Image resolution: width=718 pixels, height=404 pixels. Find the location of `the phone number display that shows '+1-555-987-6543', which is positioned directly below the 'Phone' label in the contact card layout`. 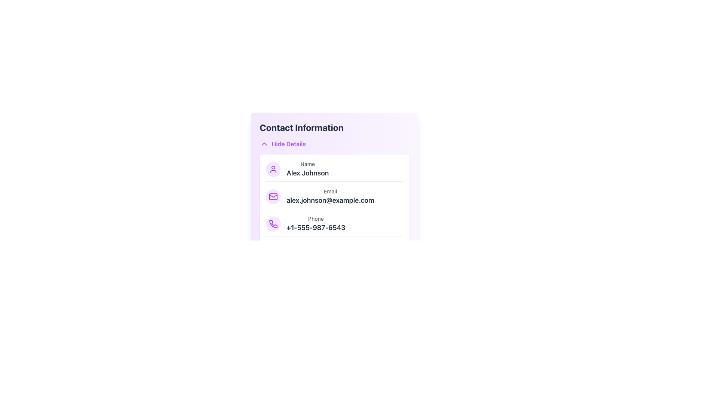

the phone number display that shows '+1-555-987-6543', which is positioned directly below the 'Phone' label in the contact card layout is located at coordinates (316, 227).